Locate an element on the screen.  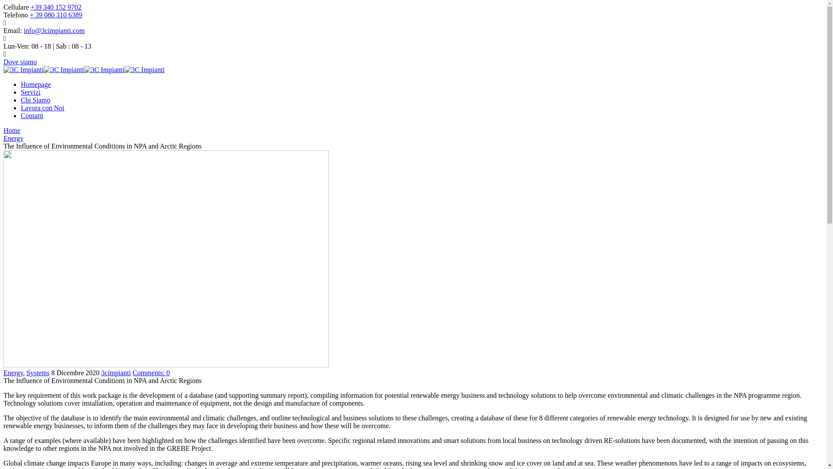
'Contatti' is located at coordinates (21, 115).